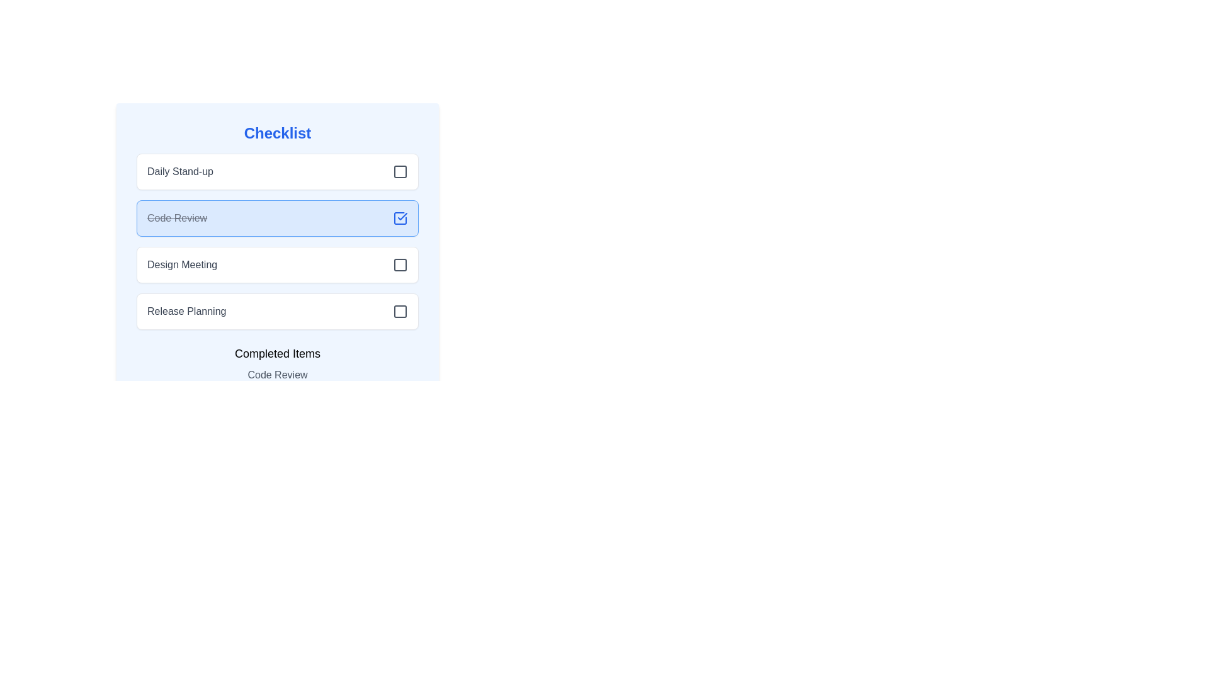  I want to click on the checked icon indicating the completion status of the 'Code Review' item in the checklist, which is the second icon vertically in the list, so click(399, 218).